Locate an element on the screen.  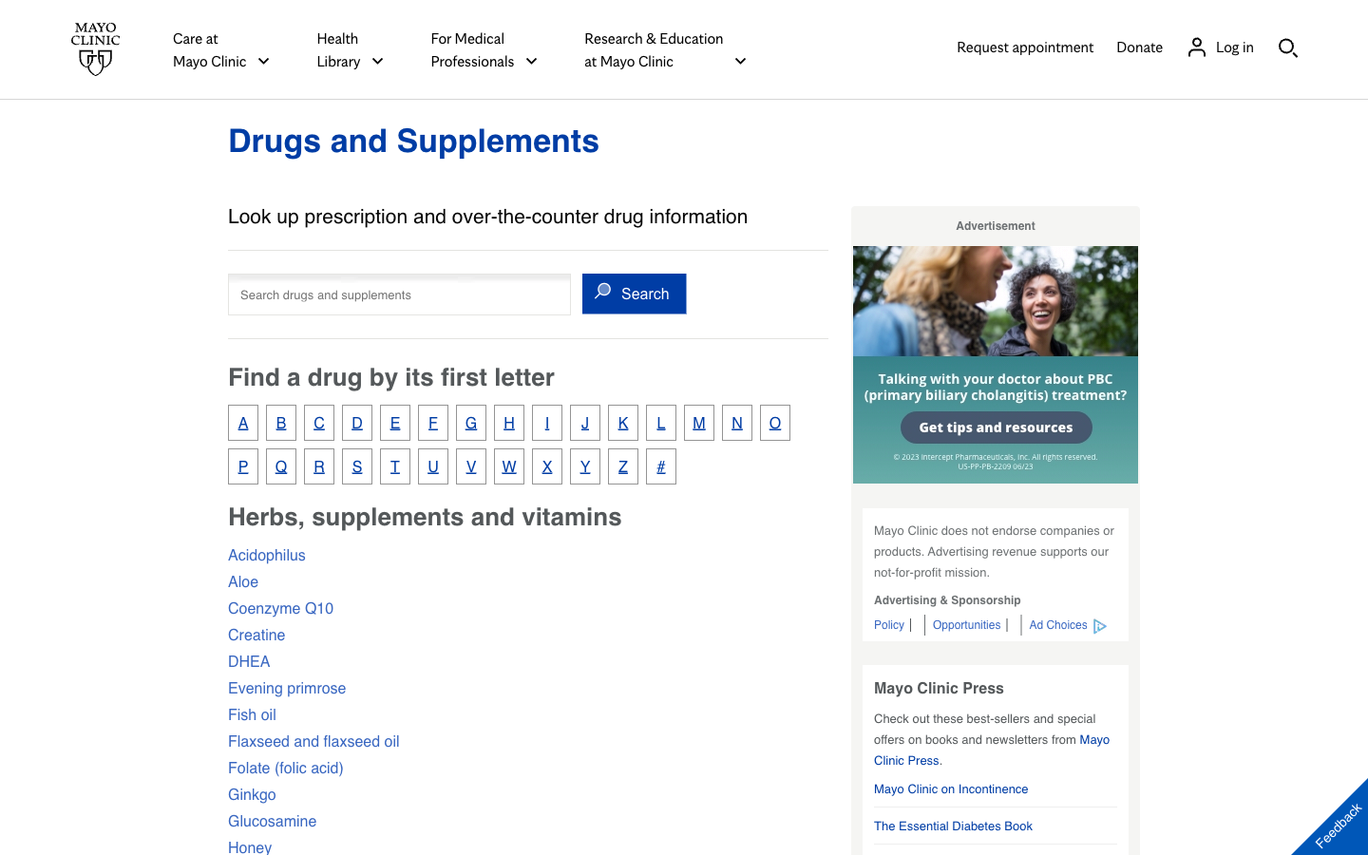
MayoClinic"s privacy guidelines is located at coordinates (892, 624).